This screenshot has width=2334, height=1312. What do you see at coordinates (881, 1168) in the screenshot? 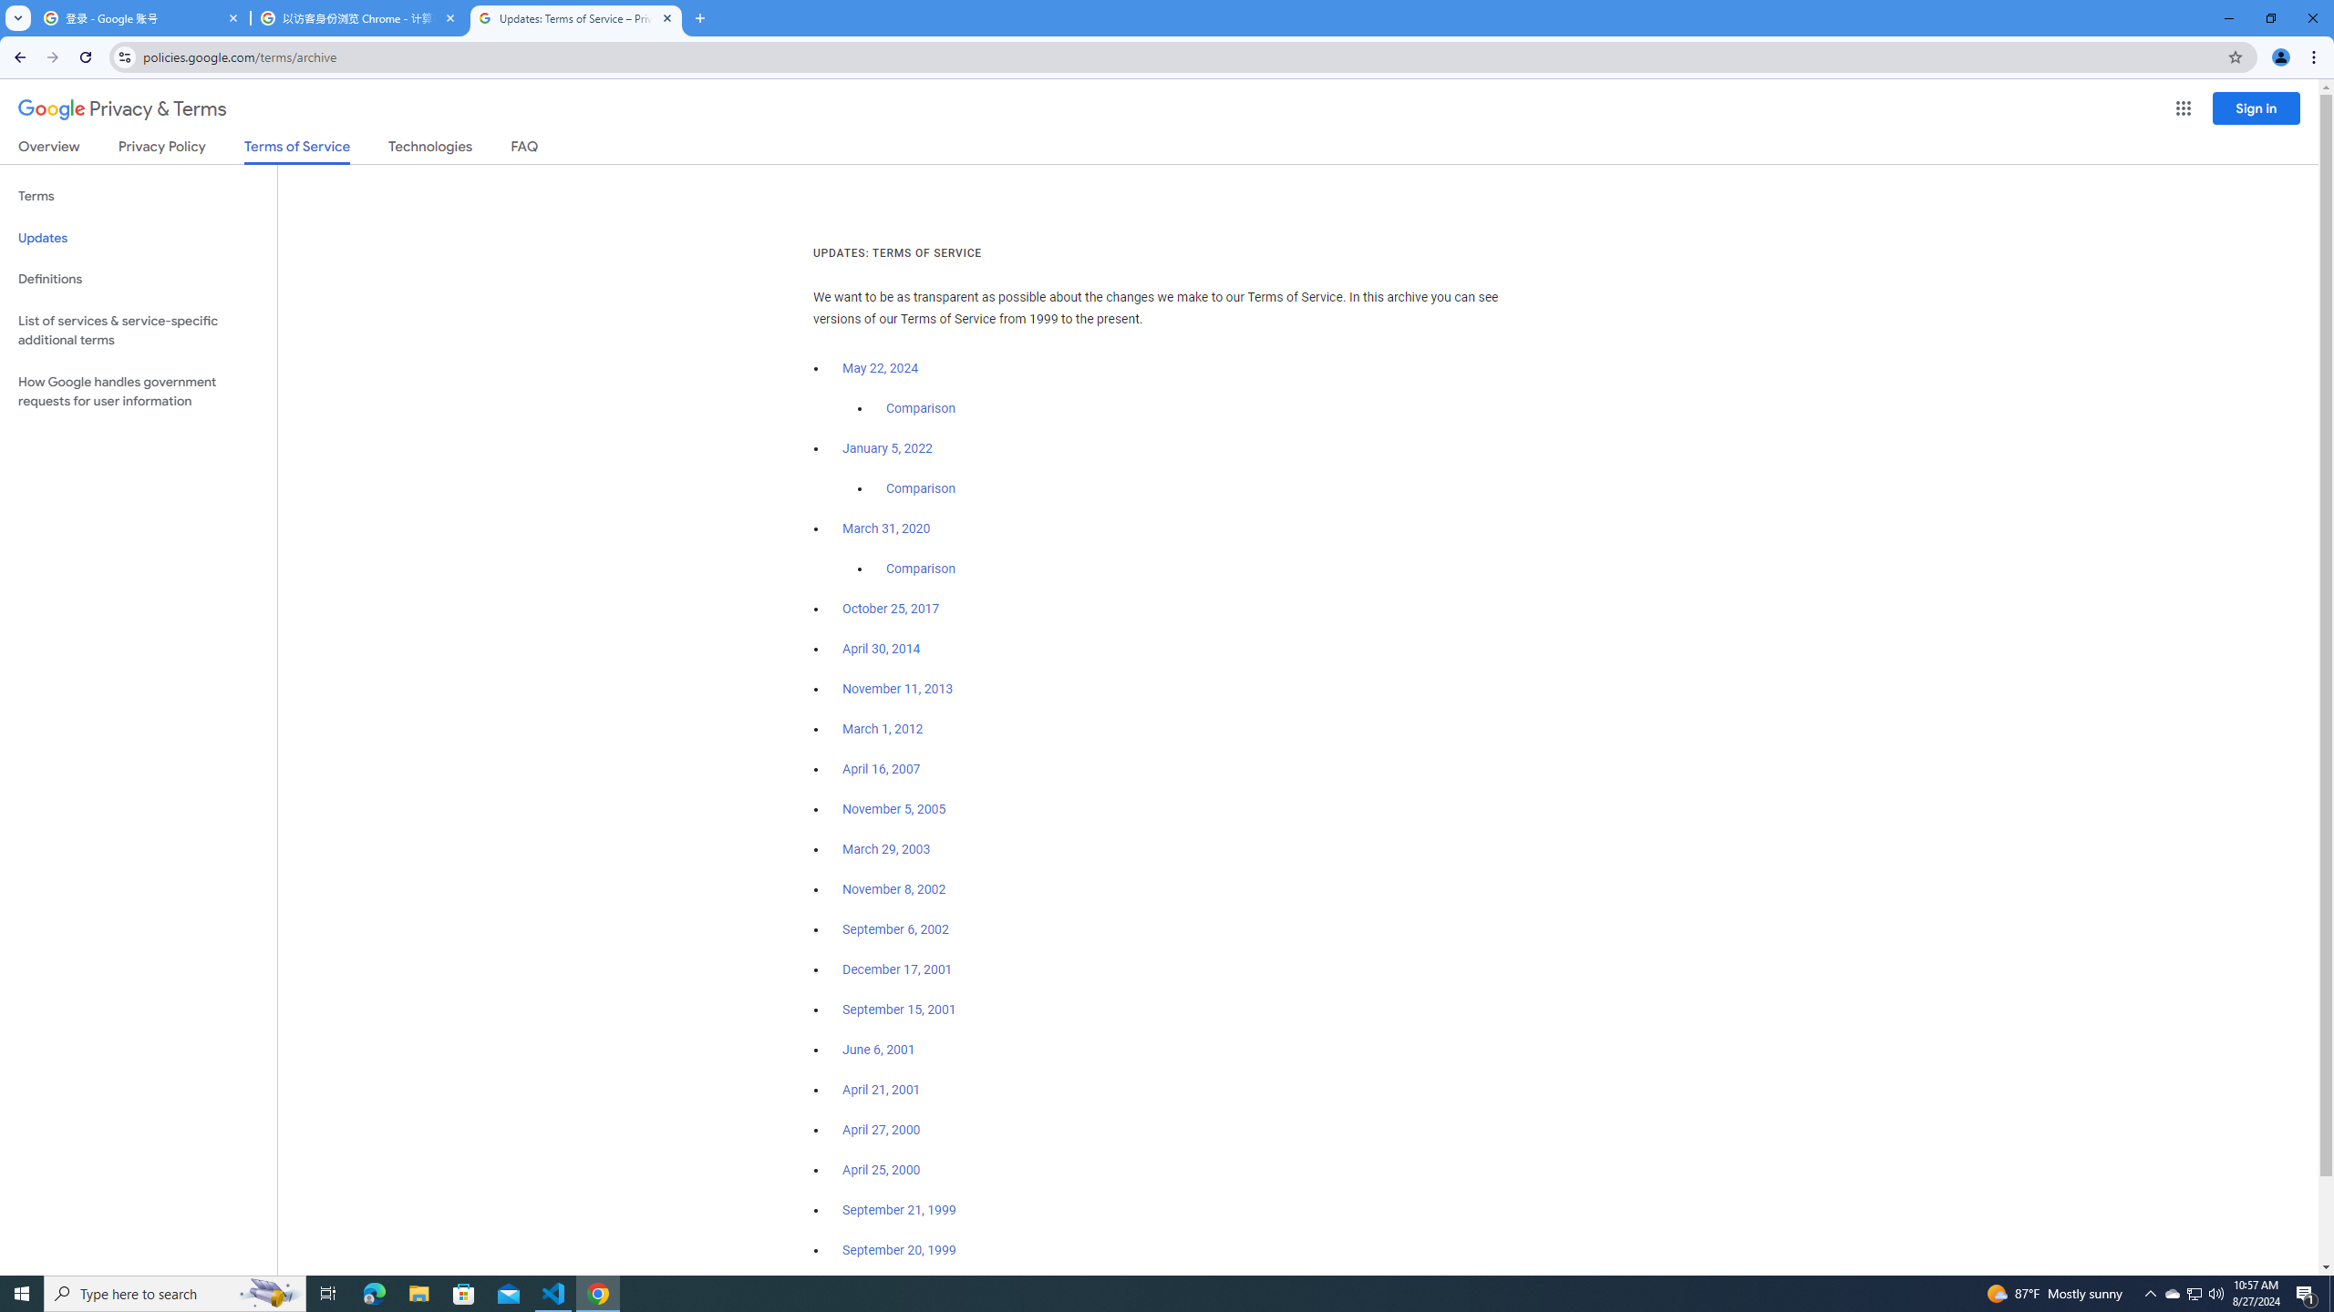
I see `'April 25, 2000'` at bounding box center [881, 1168].